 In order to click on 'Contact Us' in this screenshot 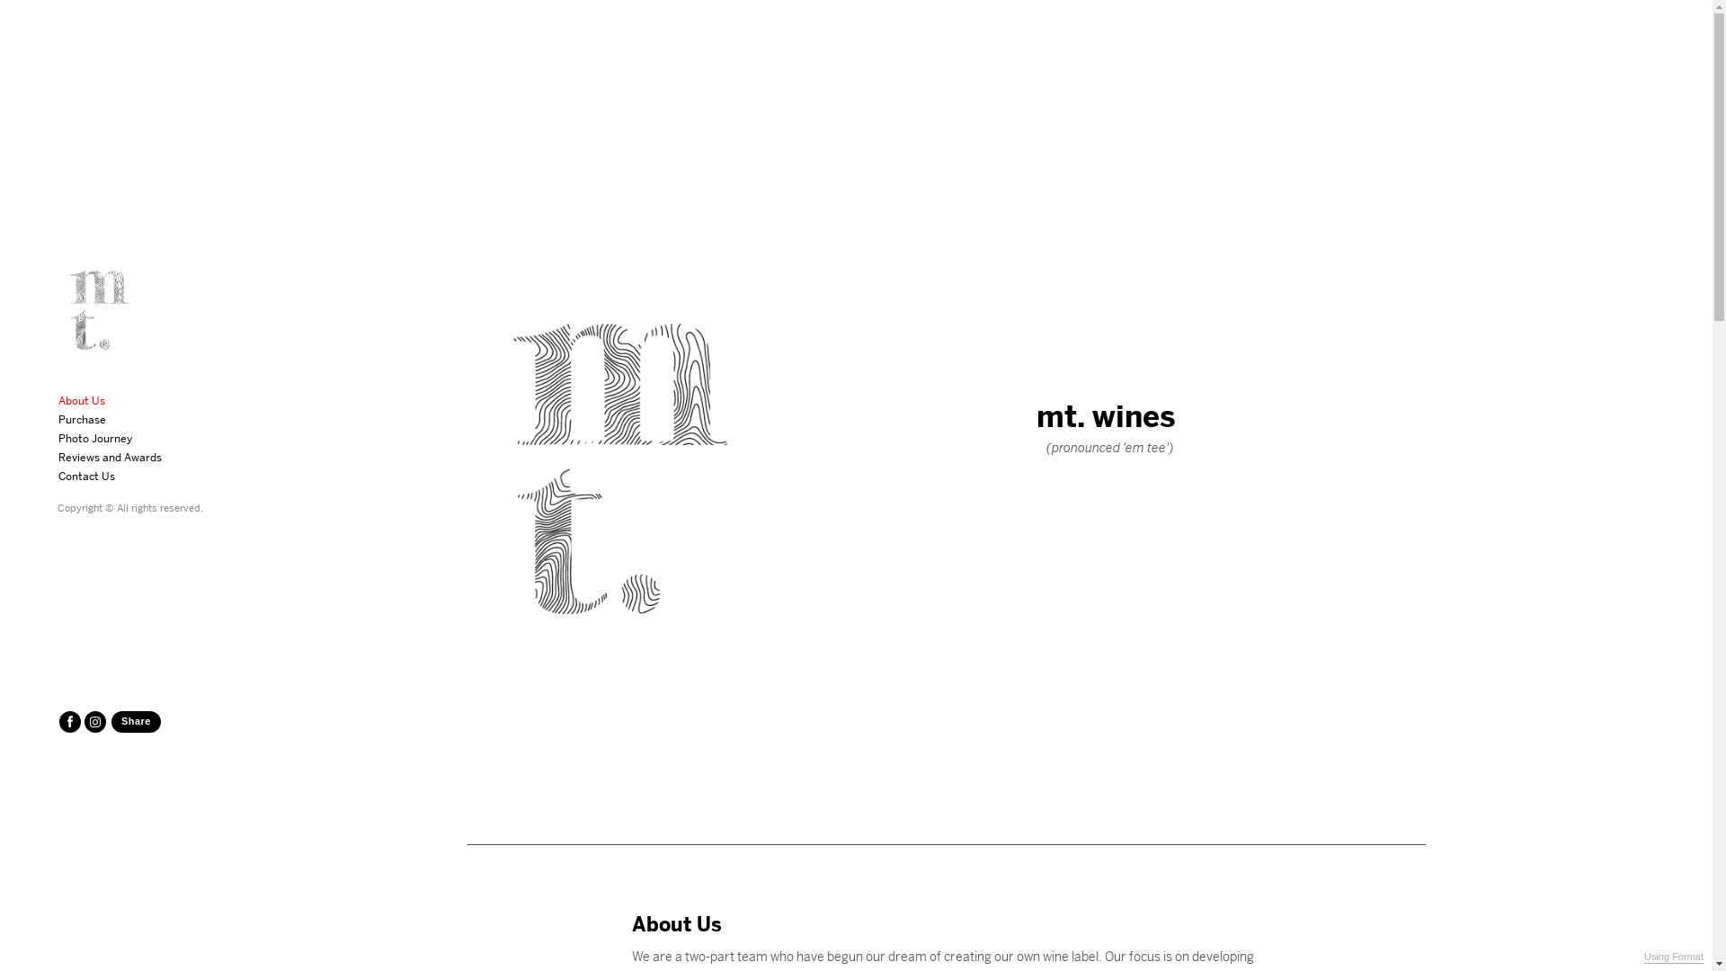, I will do `click(57, 475)`.